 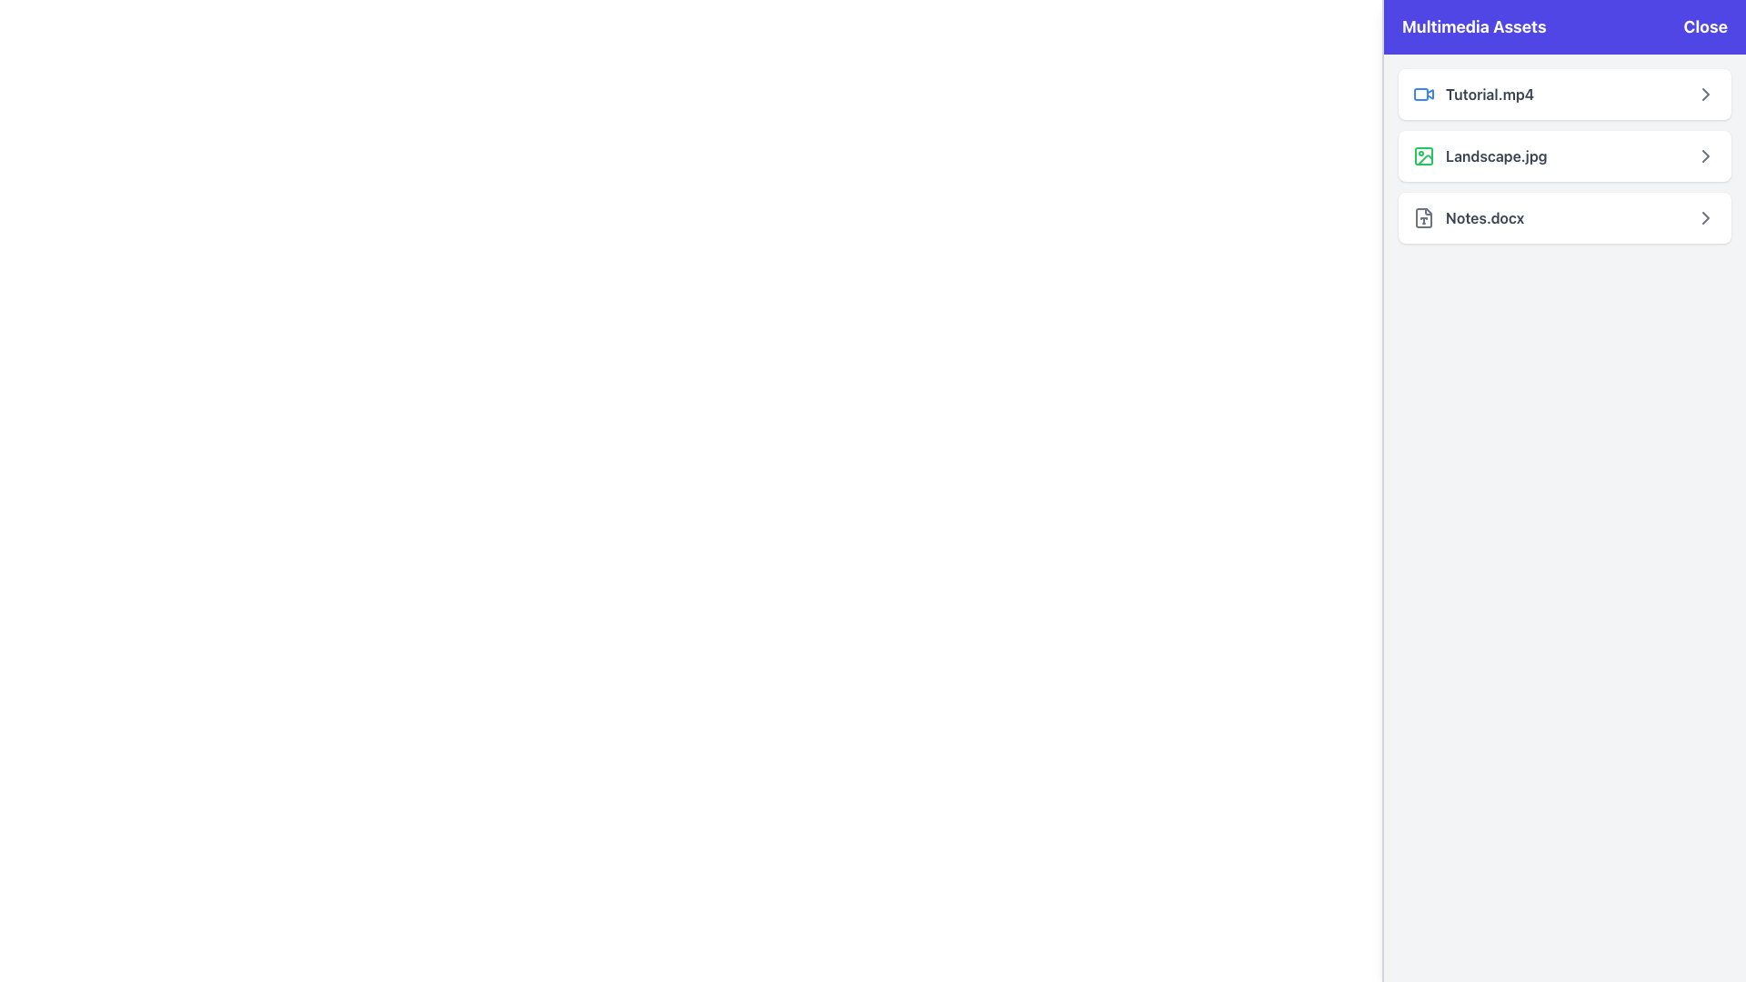 What do you see at coordinates (1430, 94) in the screenshot?
I see `the triangular play icon in the video playback interface` at bounding box center [1430, 94].